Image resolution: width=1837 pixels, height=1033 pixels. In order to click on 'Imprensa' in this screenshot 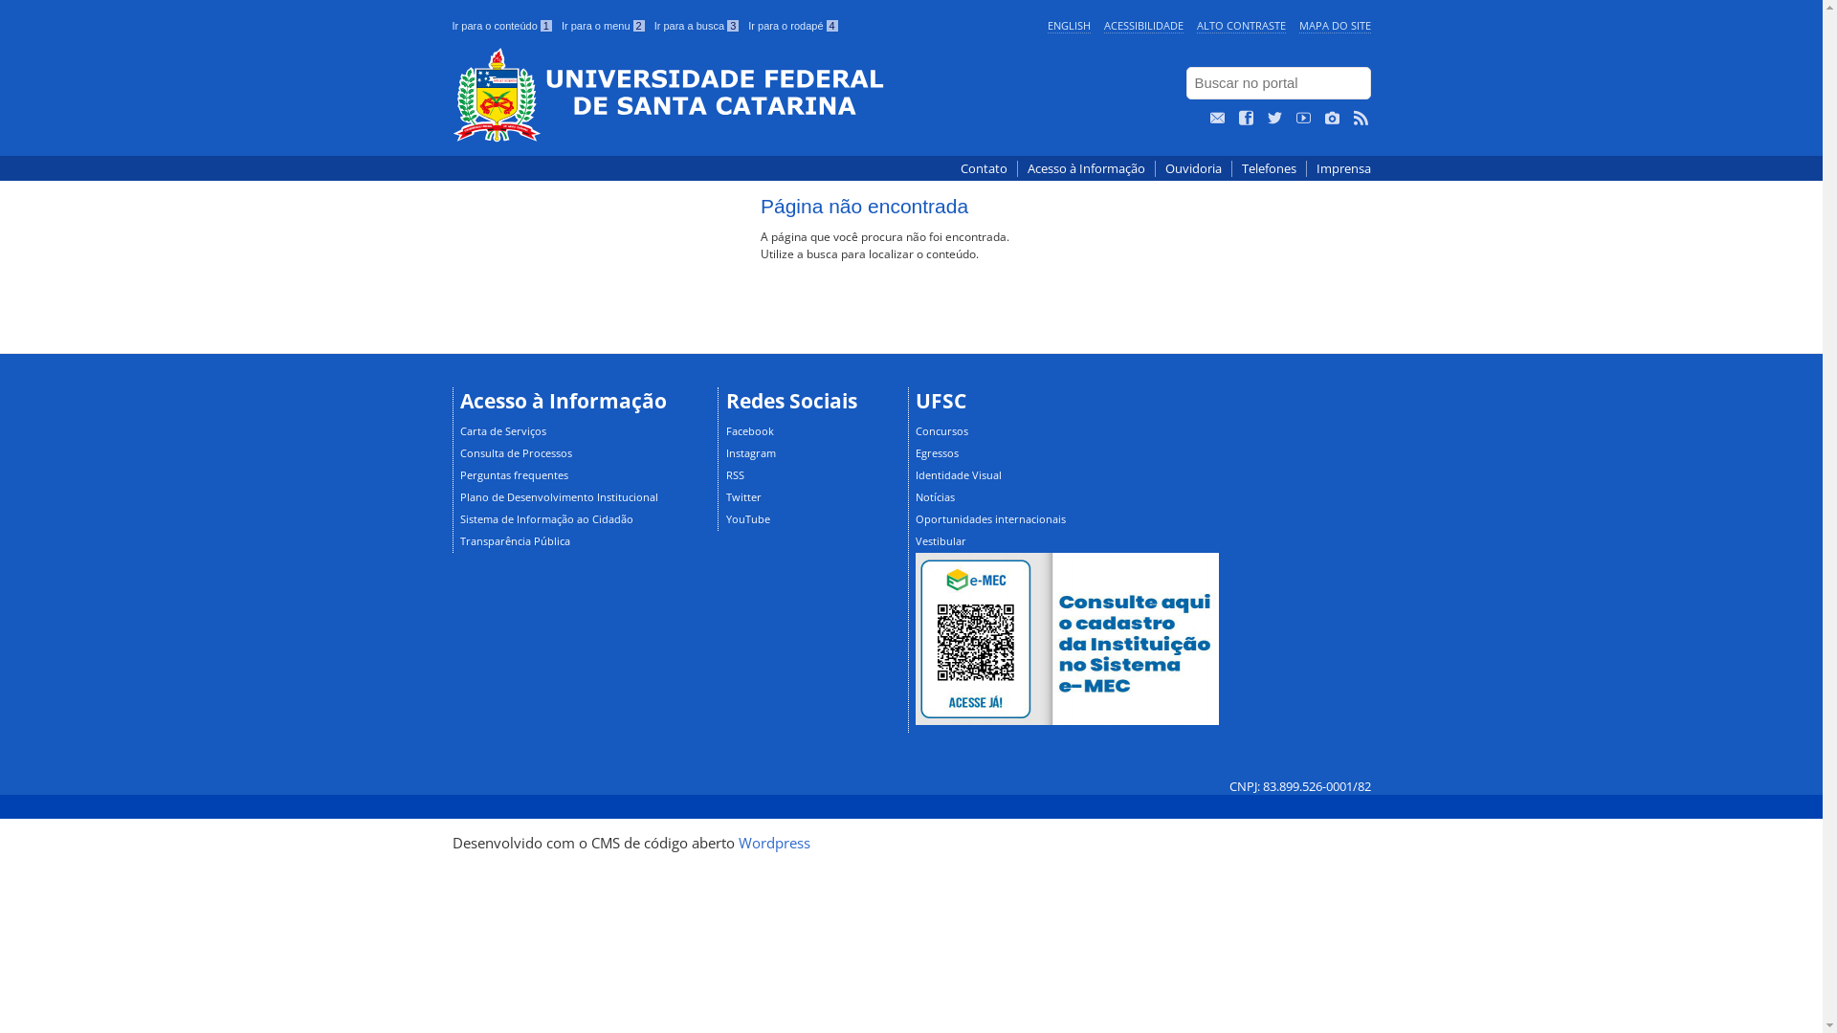, I will do `click(1342, 167)`.